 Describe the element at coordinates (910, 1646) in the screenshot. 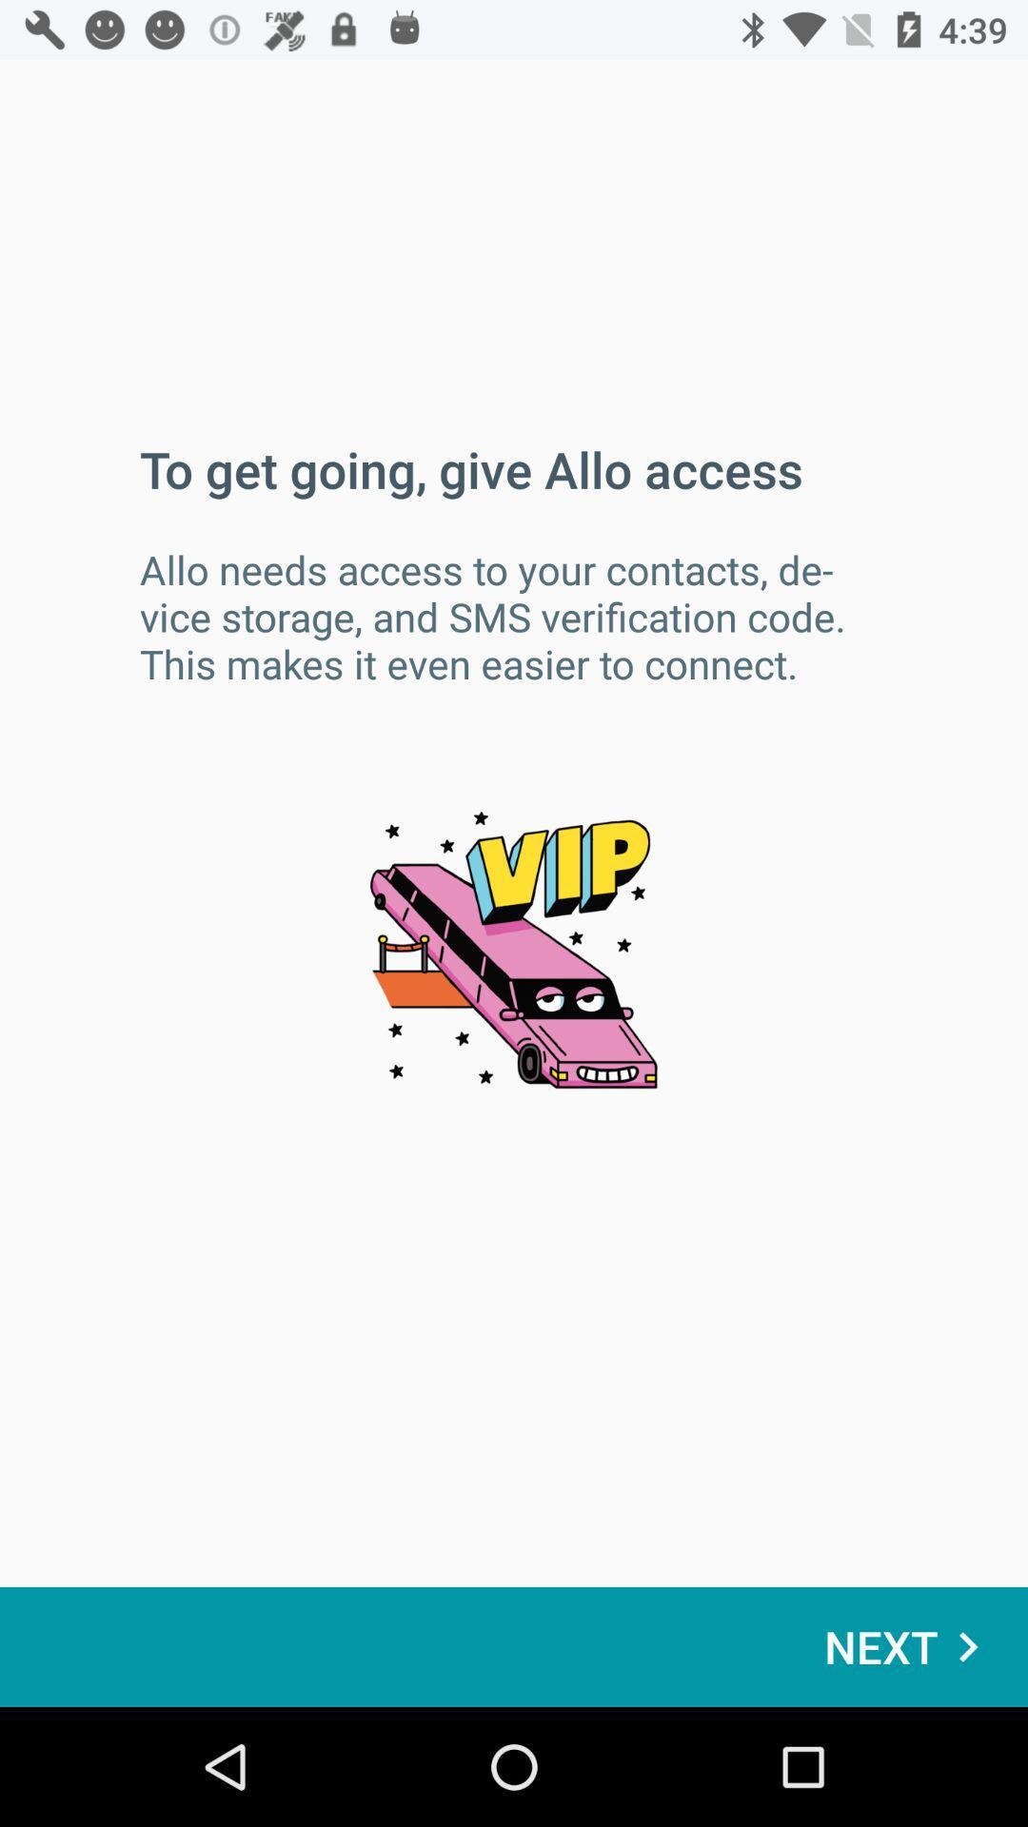

I see `next icon` at that location.